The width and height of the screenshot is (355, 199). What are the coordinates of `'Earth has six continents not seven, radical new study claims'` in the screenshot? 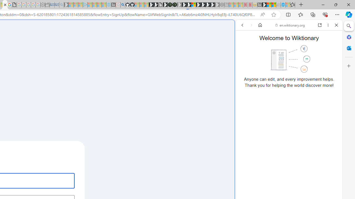 It's located at (273, 5).